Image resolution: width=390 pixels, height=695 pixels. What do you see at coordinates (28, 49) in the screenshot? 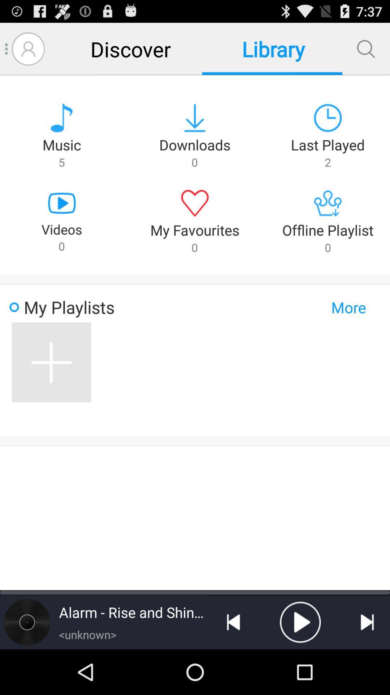
I see `profile option` at bounding box center [28, 49].